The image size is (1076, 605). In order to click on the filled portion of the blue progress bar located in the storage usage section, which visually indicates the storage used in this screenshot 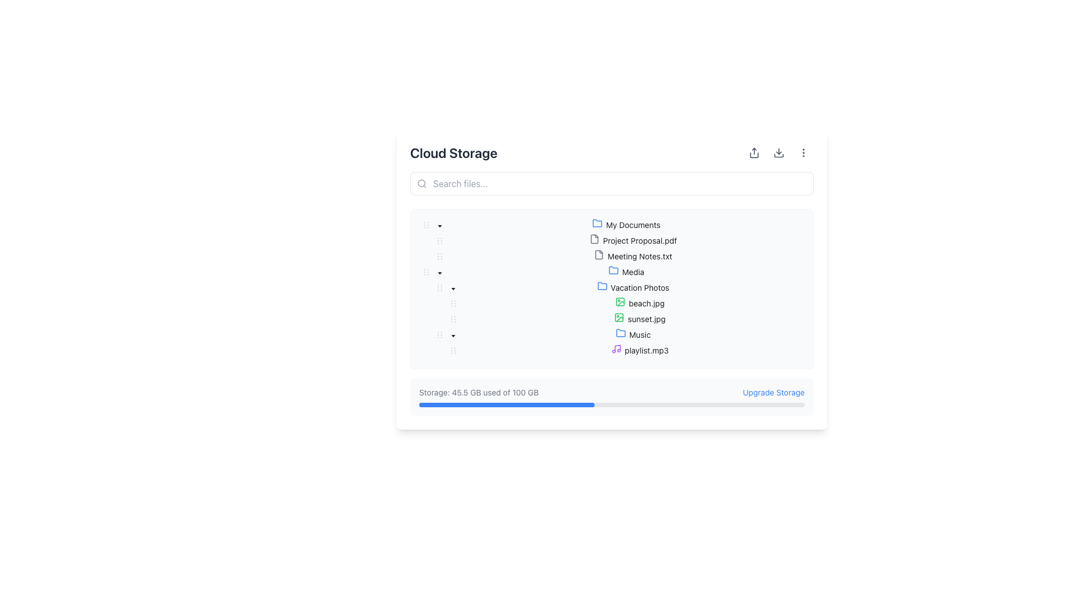, I will do `click(506, 404)`.